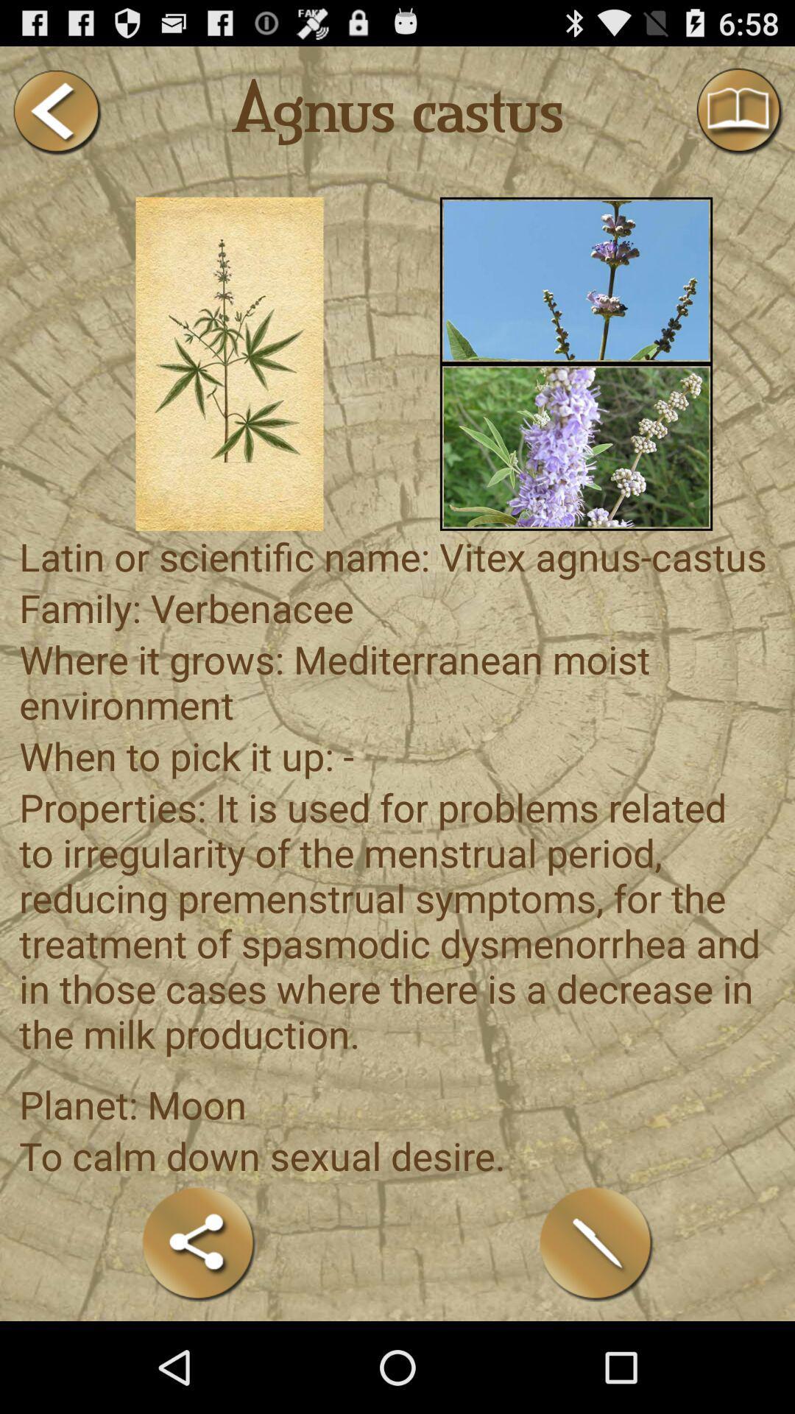 This screenshot has width=795, height=1414. Describe the element at coordinates (199, 1243) in the screenshot. I see `share button` at that location.